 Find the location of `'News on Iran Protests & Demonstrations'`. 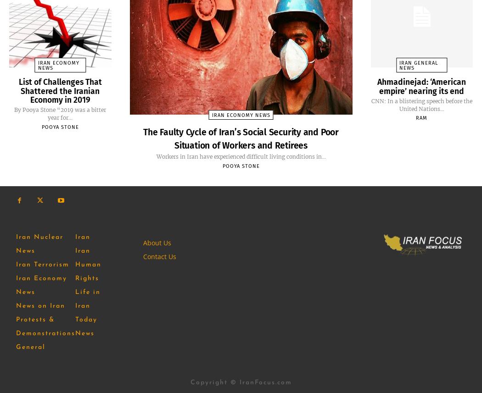

'News on Iran Protests & Demonstrations' is located at coordinates (45, 319).